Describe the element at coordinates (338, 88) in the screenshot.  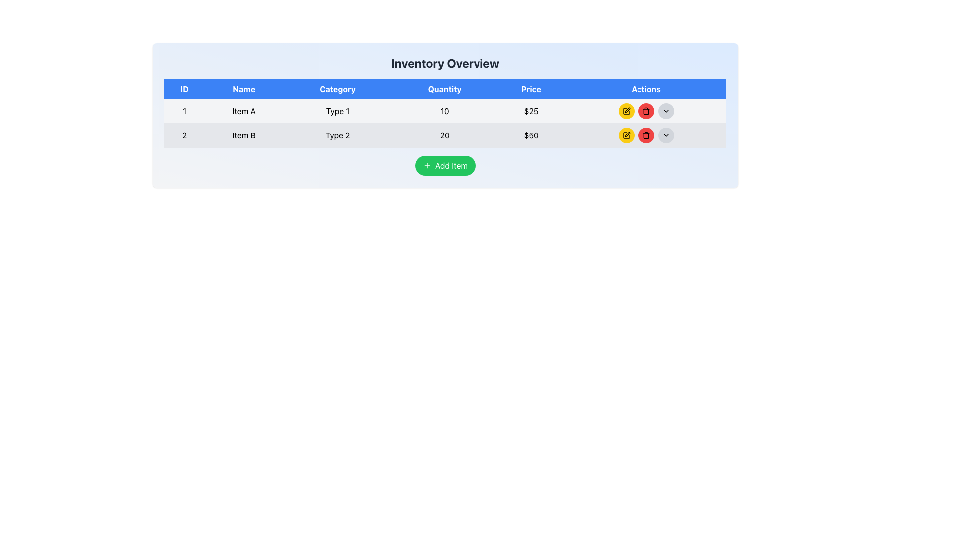
I see `the 'Category' text block, which is the third block in a series of horizontally arranged text blocks within a blue header bar, located between the 'Name' and 'Quantity' blocks` at that location.